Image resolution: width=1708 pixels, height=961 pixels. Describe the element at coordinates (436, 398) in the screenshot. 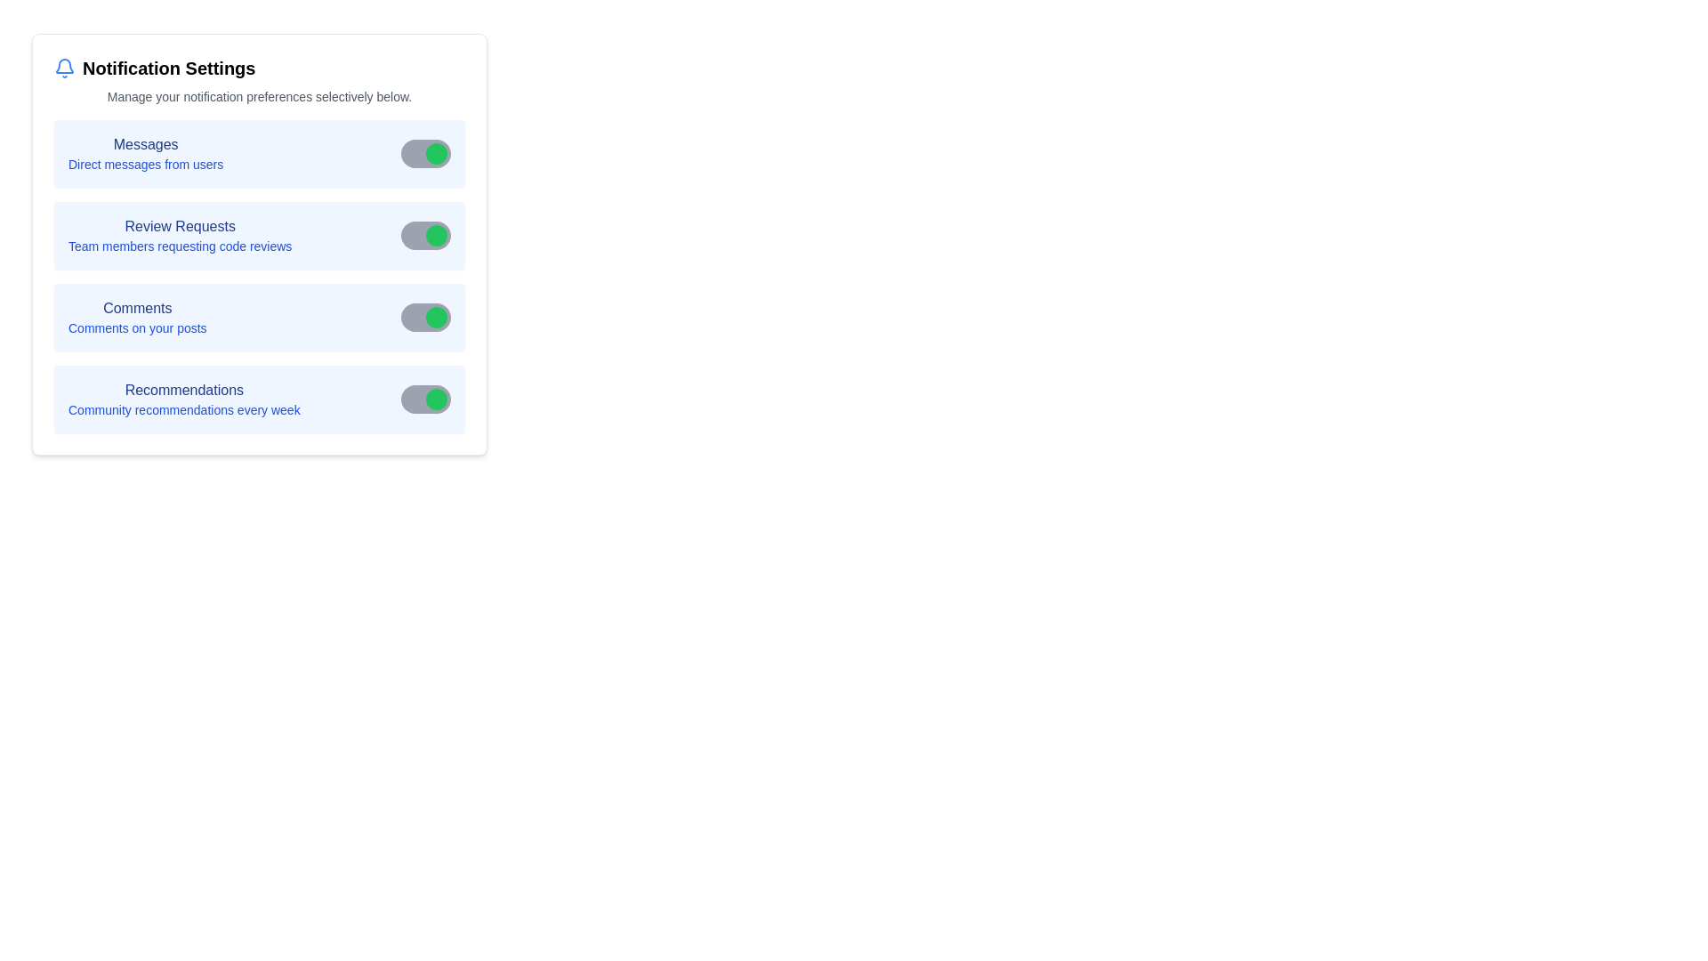

I see `the green circular toggle indicator` at that location.